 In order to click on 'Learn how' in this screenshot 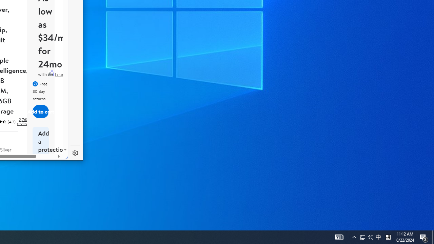, I will do `click(65, 75)`.